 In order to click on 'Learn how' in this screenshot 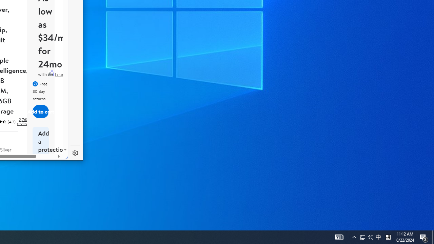, I will do `click(65, 75)`.